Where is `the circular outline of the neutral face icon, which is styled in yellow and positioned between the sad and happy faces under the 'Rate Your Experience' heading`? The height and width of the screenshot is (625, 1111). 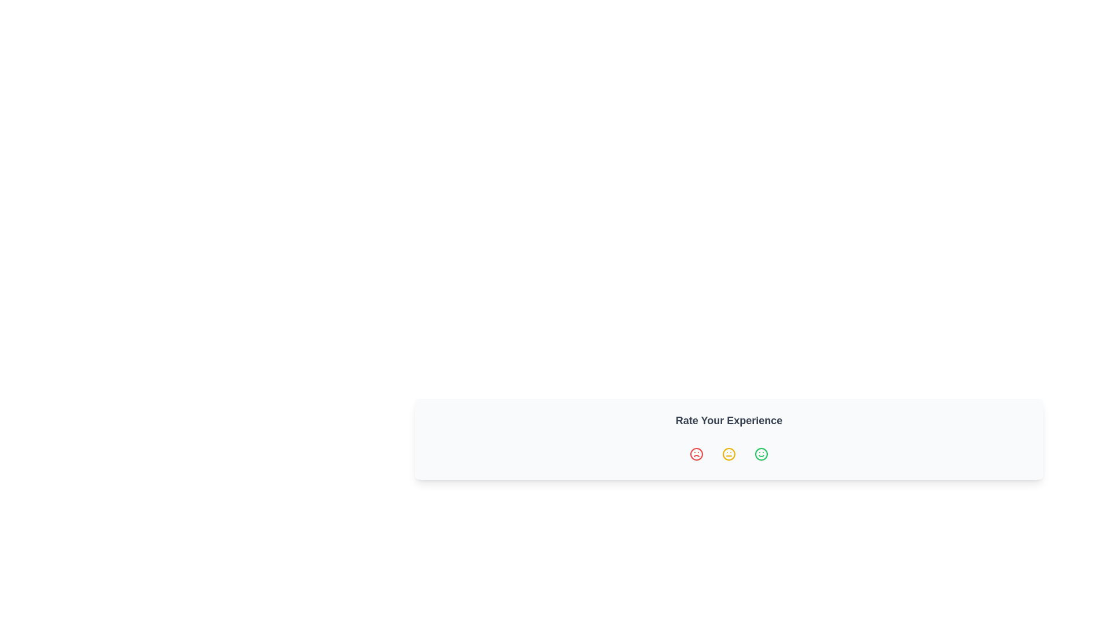
the circular outline of the neutral face icon, which is styled in yellow and positioned between the sad and happy faces under the 'Rate Your Experience' heading is located at coordinates (728, 454).